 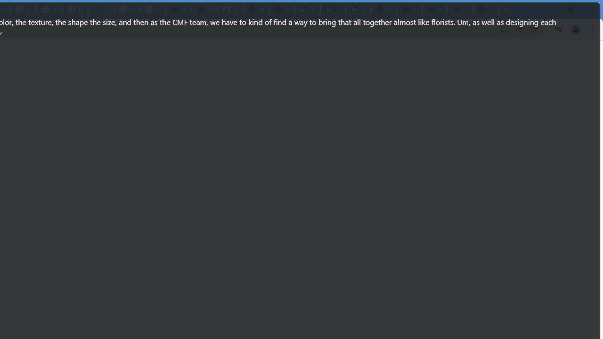 What do you see at coordinates (307, 9) in the screenshot?
I see `'Cookie Policy | LinkedIn'` at bounding box center [307, 9].